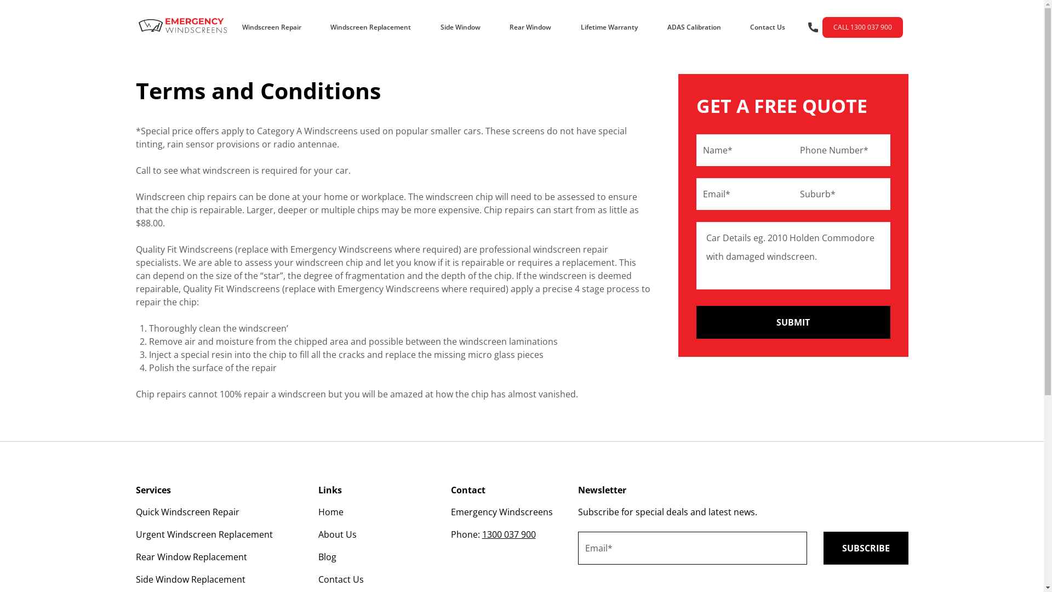 Image resolution: width=1052 pixels, height=592 pixels. I want to click on 'Urgent Windscreen Replacement', so click(204, 534).